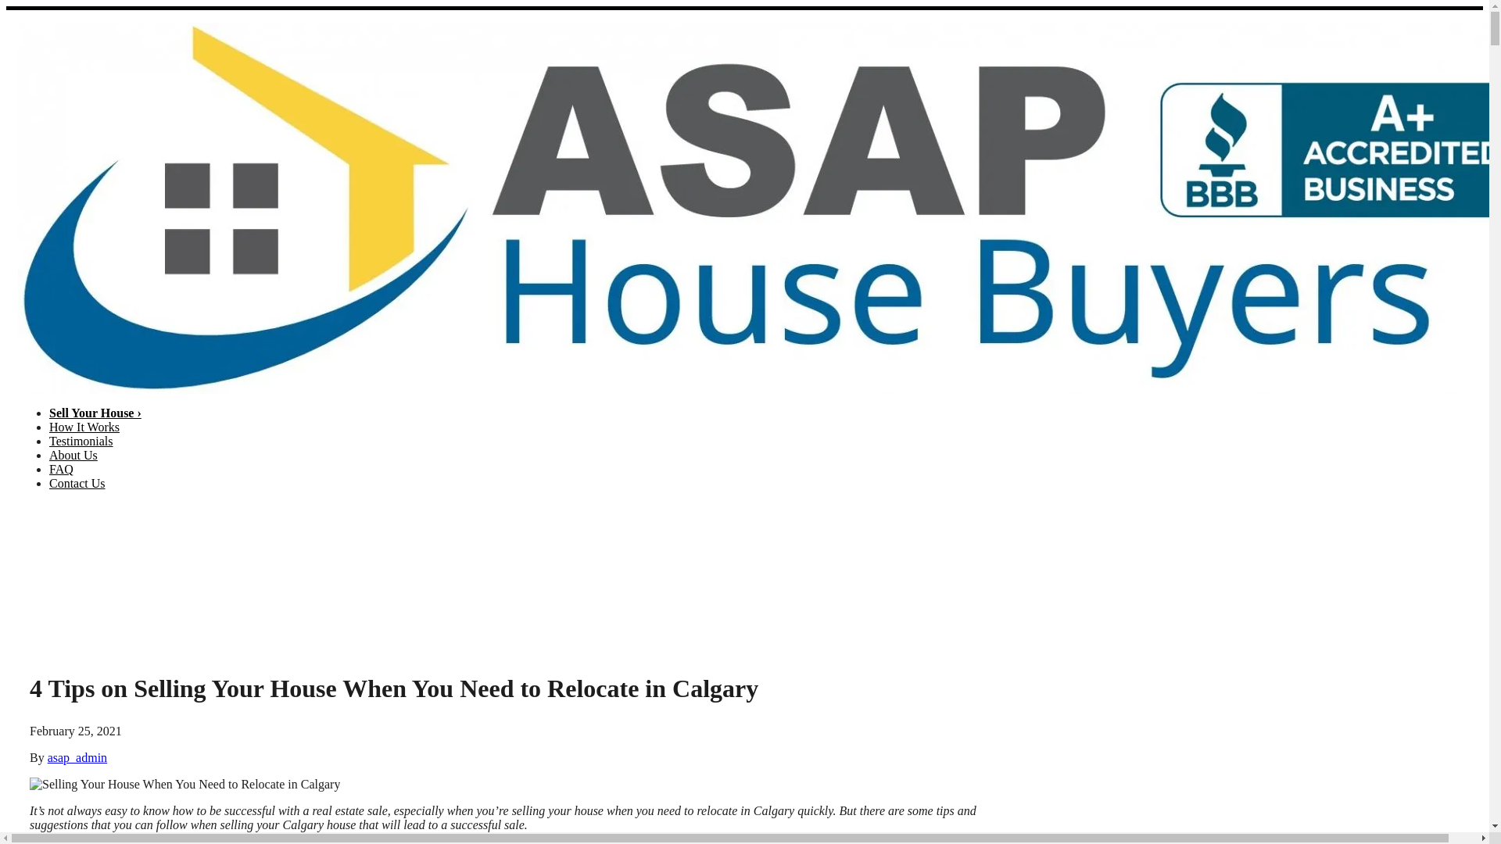 This screenshot has height=844, width=1501. Describe the element at coordinates (48, 468) in the screenshot. I see `'FAQ'` at that location.